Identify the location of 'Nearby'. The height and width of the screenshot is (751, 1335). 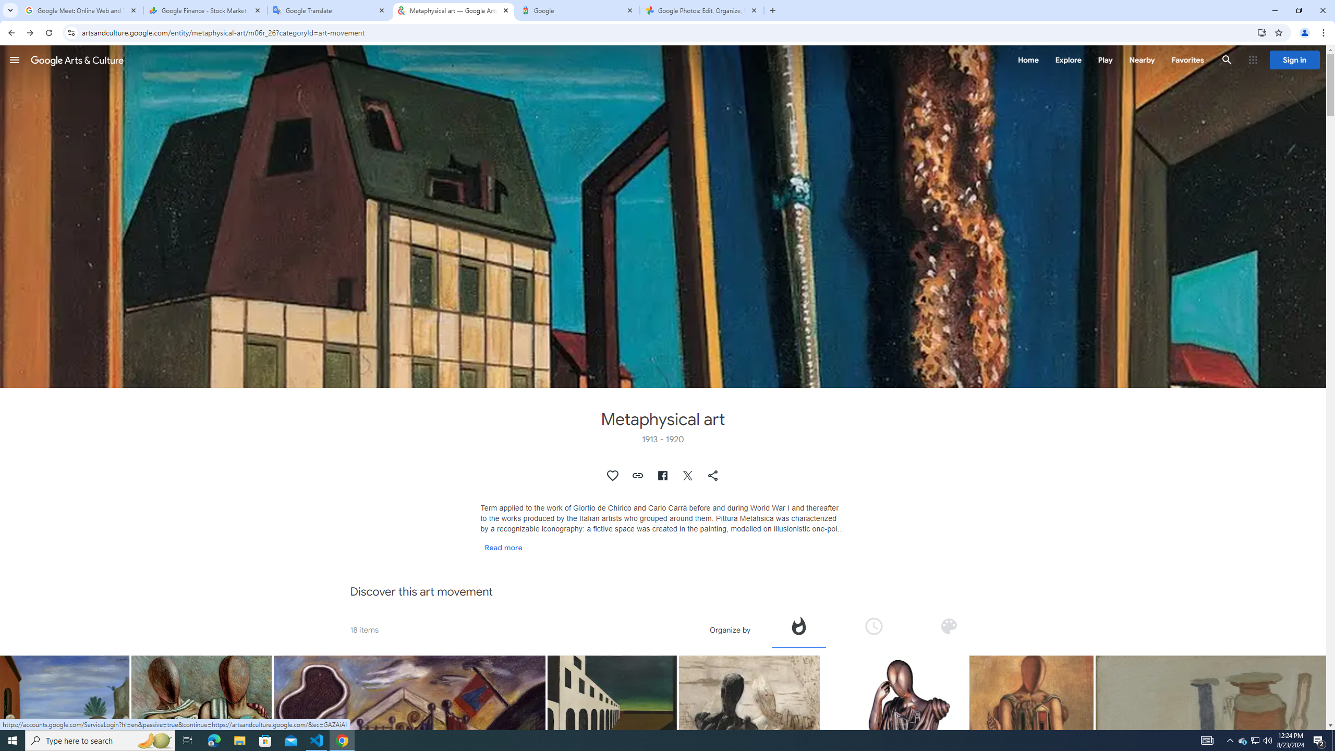
(1141, 59).